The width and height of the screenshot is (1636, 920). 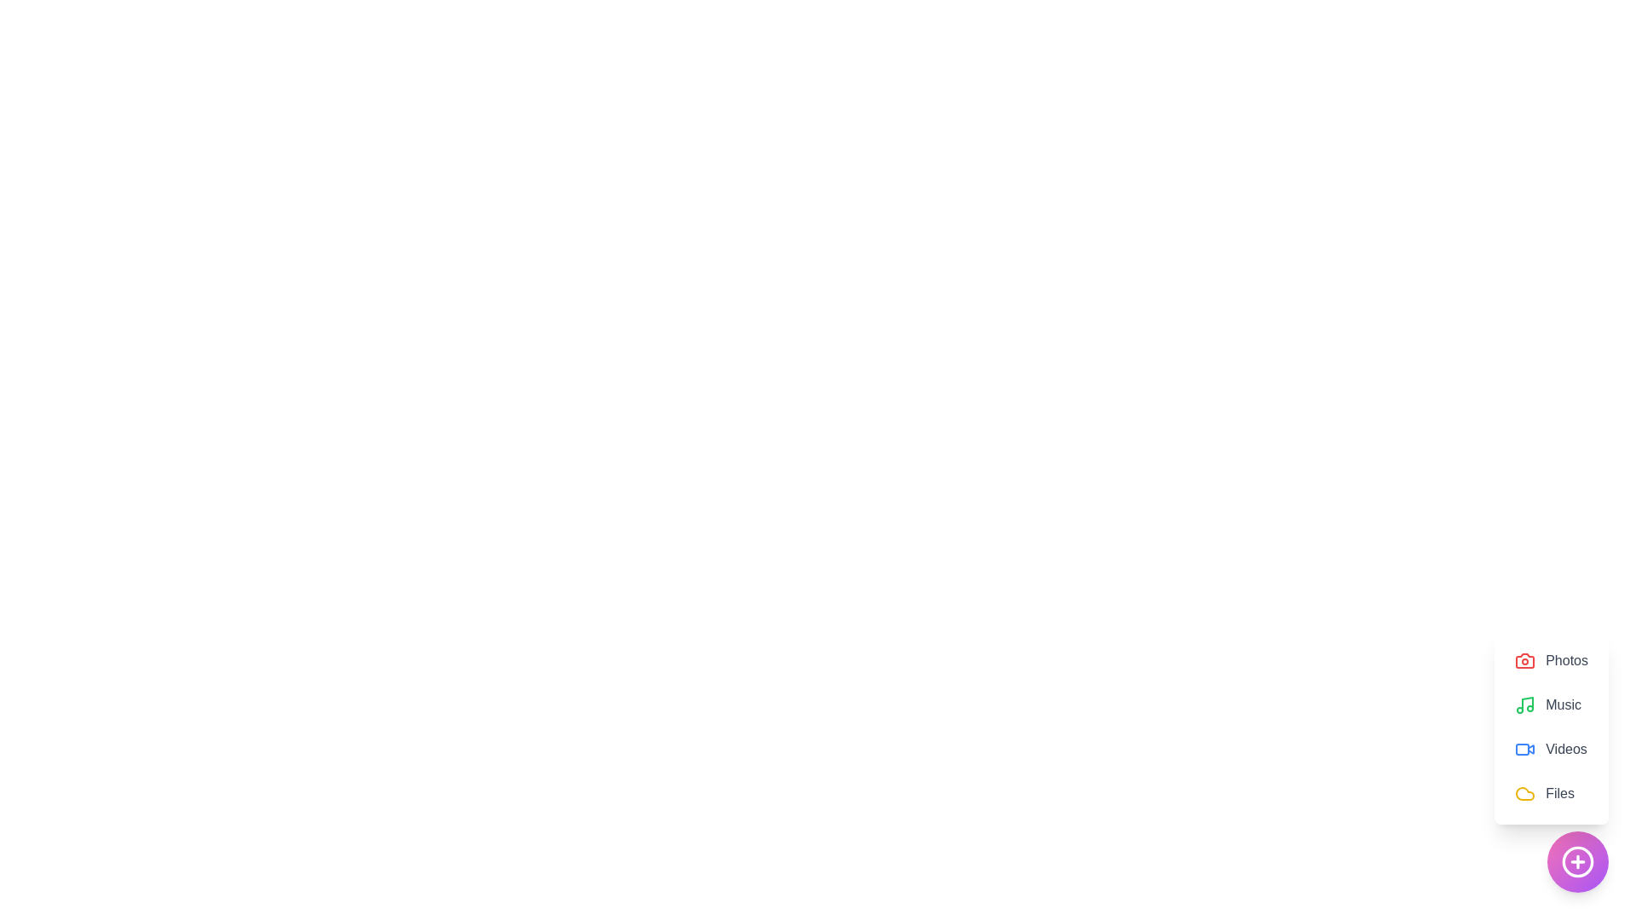 What do you see at coordinates (1551, 794) in the screenshot?
I see `the option Files to select it` at bounding box center [1551, 794].